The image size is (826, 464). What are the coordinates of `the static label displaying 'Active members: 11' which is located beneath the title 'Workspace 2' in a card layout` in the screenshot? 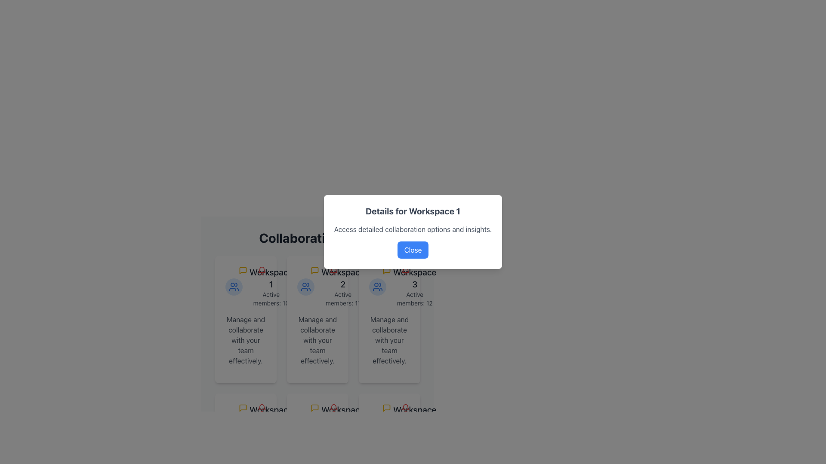 It's located at (342, 298).